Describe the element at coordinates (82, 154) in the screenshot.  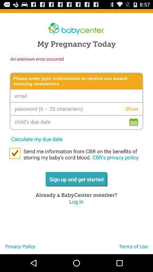
I see `icon below calculate my due item` at that location.